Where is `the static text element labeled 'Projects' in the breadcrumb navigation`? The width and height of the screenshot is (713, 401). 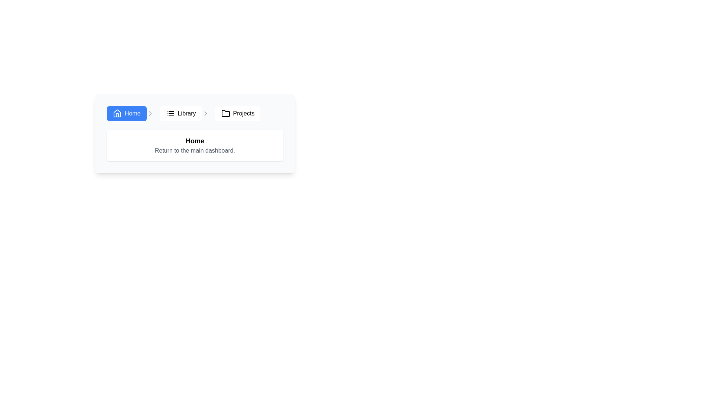 the static text element labeled 'Projects' in the breadcrumb navigation is located at coordinates (244, 113).